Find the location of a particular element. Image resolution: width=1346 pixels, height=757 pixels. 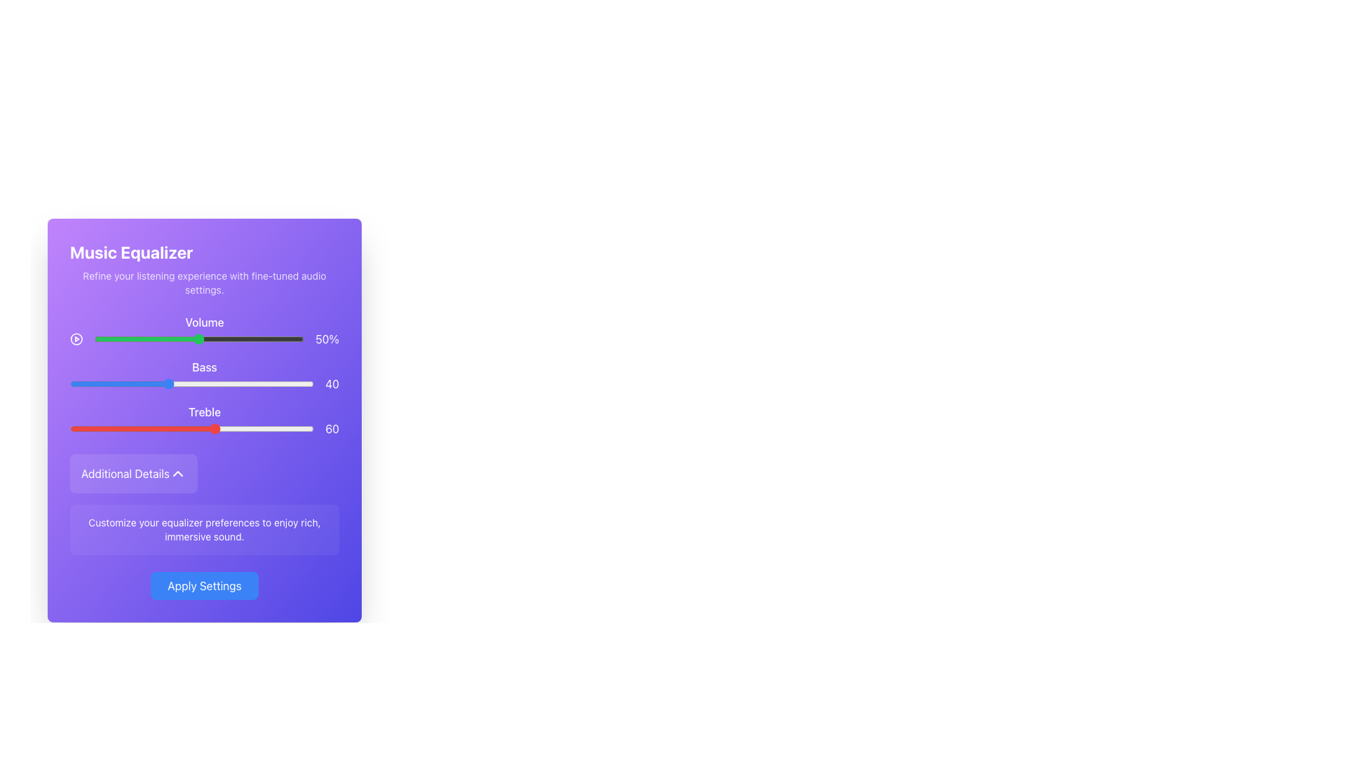

the bass level is located at coordinates (141, 383).